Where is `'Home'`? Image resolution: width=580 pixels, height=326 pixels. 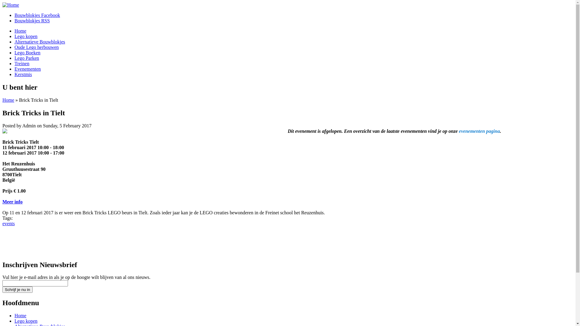 'Home' is located at coordinates (11, 5).